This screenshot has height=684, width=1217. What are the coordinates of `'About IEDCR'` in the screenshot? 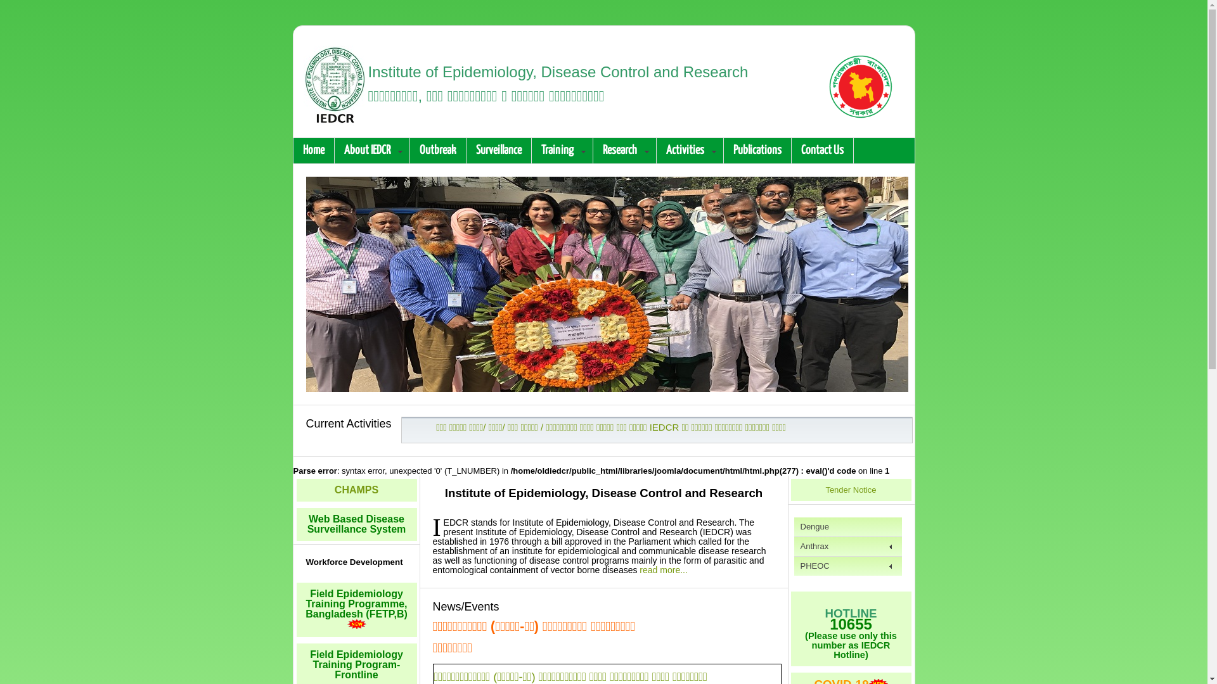 It's located at (371, 150).